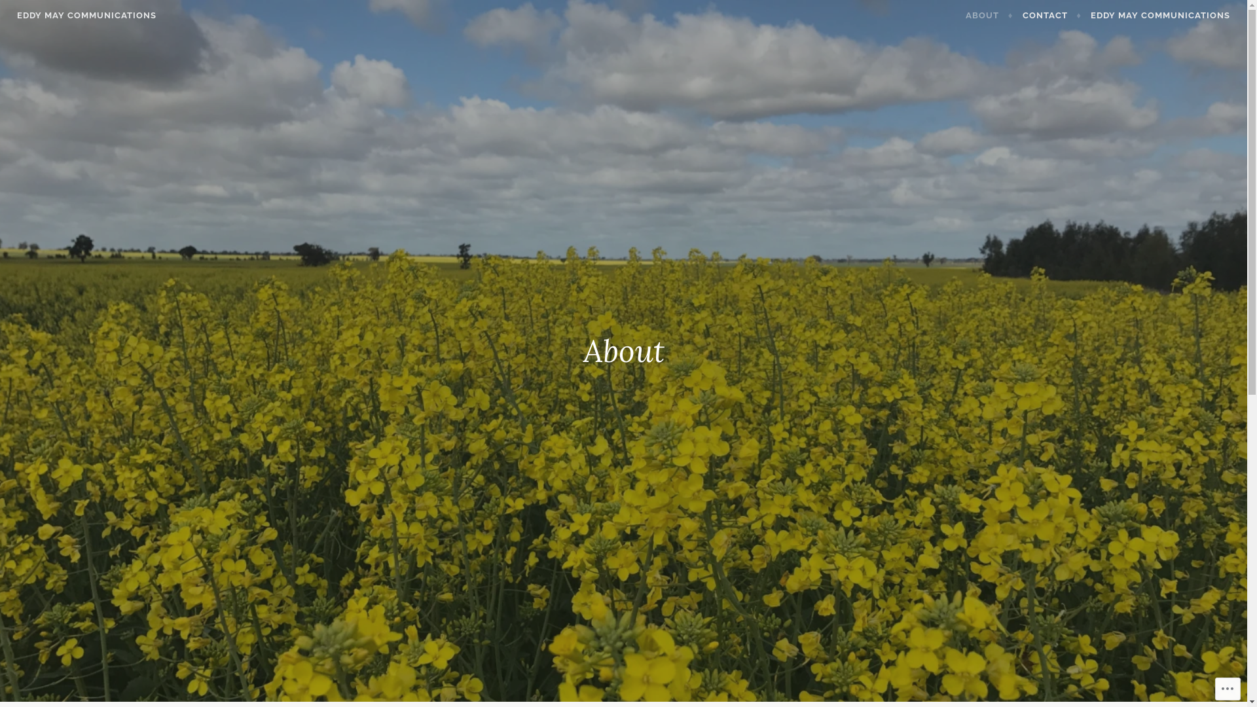  What do you see at coordinates (989, 15) in the screenshot?
I see `'ABOUT'` at bounding box center [989, 15].